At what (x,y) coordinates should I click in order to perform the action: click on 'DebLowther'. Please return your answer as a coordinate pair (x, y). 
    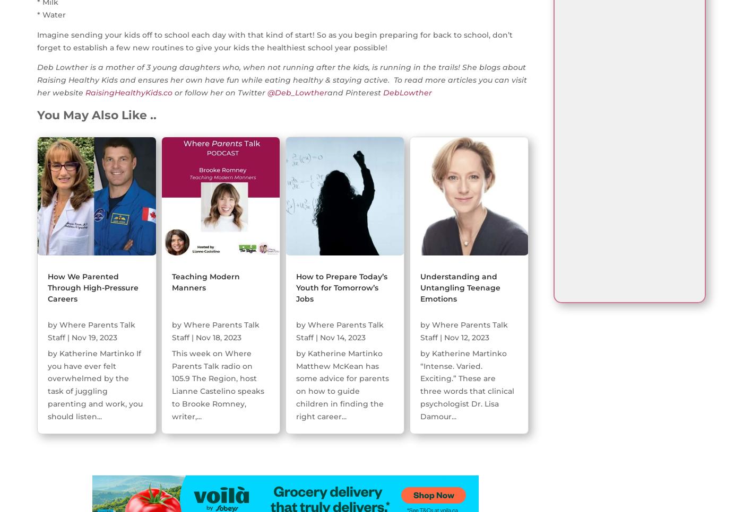
    Looking at the image, I should click on (383, 93).